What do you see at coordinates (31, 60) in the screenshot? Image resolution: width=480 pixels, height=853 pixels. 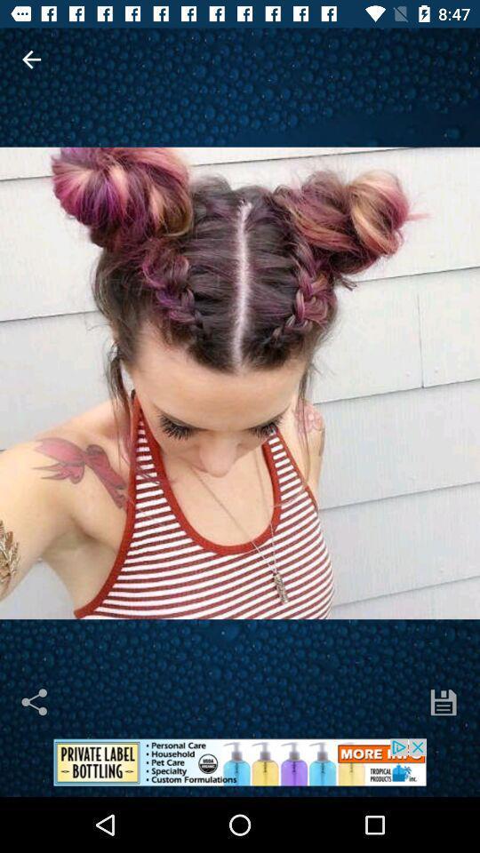 I see `the arrow_backward icon` at bounding box center [31, 60].